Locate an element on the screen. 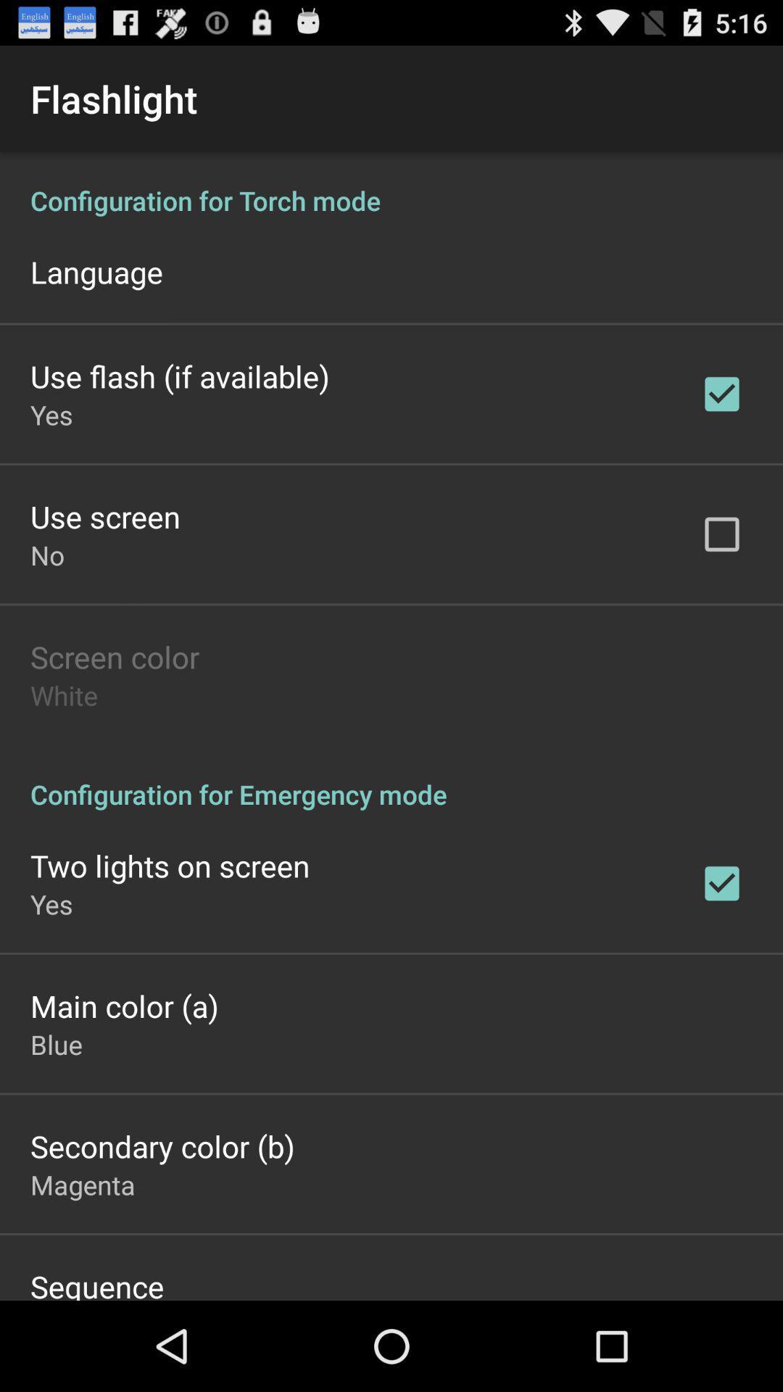  the item below the no is located at coordinates (114, 656).